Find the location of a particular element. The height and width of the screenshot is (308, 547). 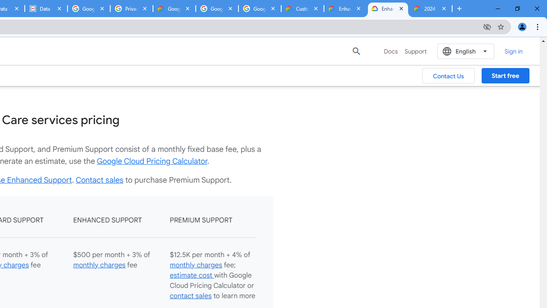

'You' is located at coordinates (521, 26).